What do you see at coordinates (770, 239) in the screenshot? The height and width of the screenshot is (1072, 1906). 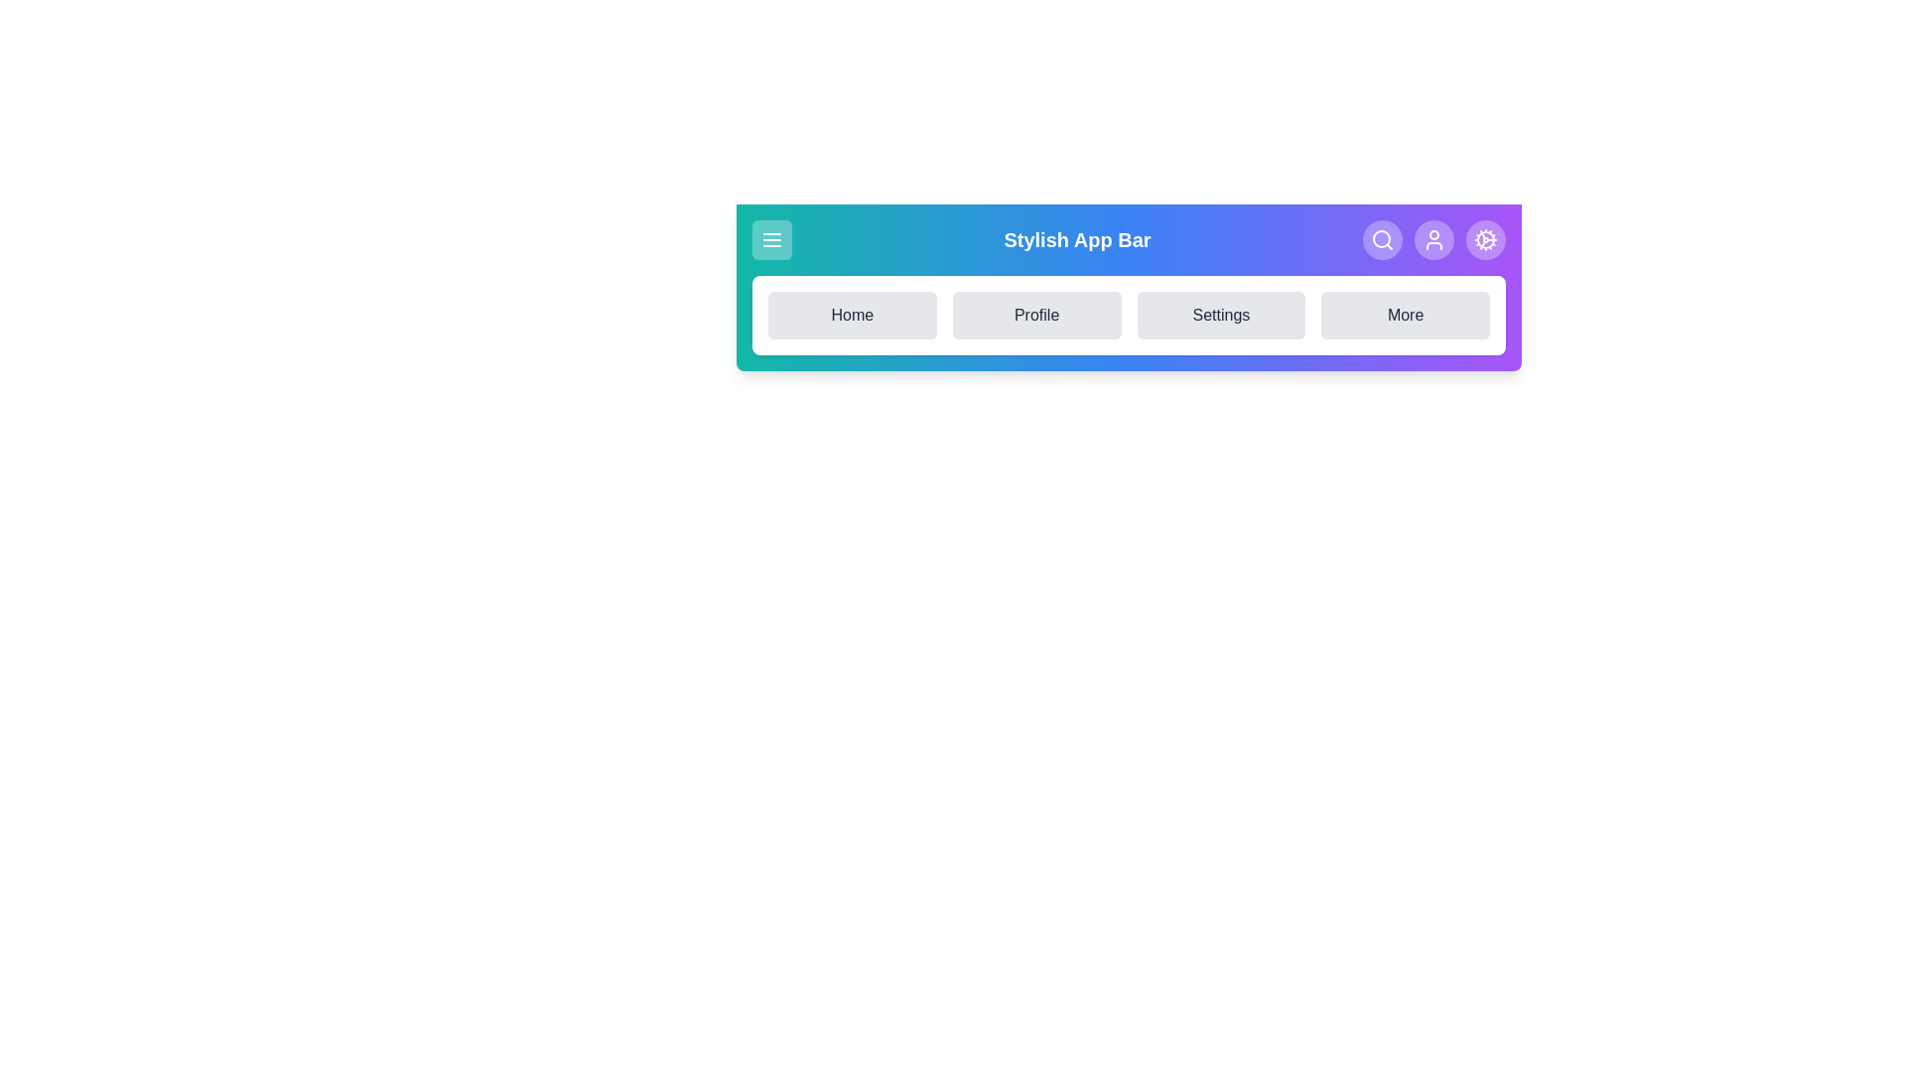 I see `the menu button to toggle the menu visibility` at bounding box center [770, 239].